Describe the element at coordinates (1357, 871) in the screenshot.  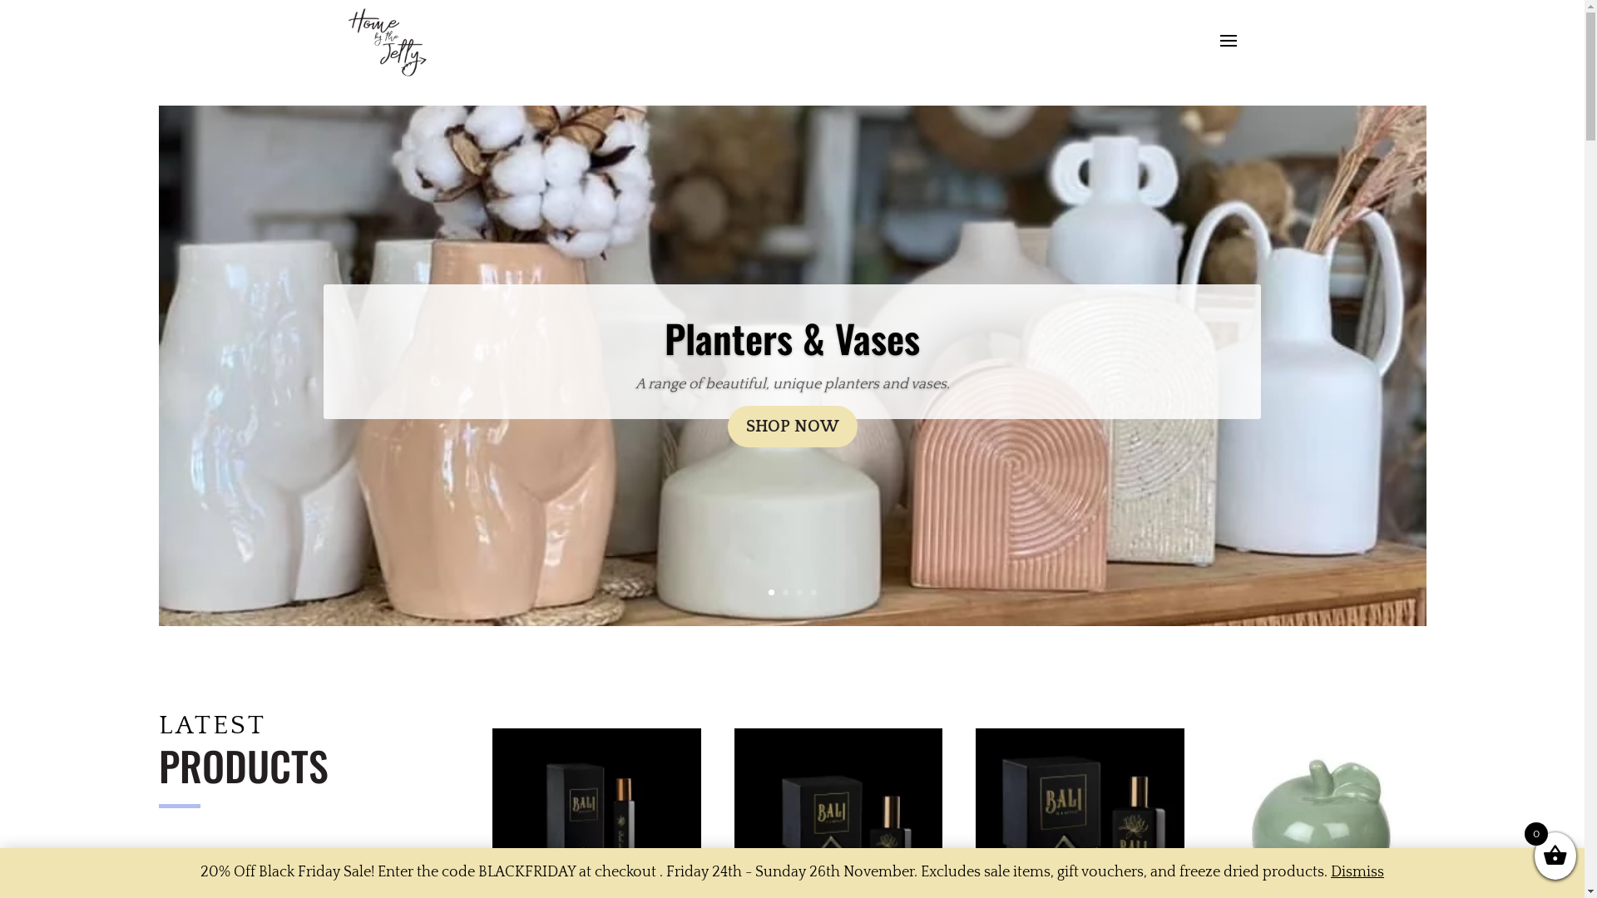
I see `'Dismiss'` at that location.